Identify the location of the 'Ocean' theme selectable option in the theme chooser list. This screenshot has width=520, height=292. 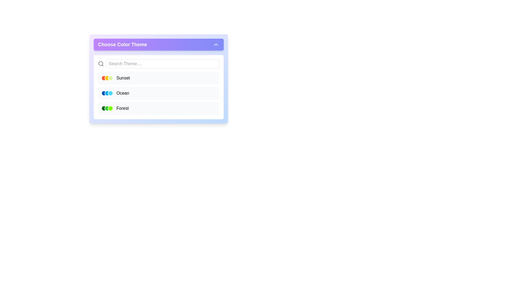
(158, 93).